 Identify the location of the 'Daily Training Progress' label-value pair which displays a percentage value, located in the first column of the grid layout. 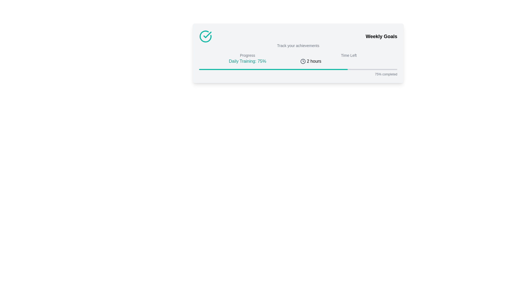
(247, 58).